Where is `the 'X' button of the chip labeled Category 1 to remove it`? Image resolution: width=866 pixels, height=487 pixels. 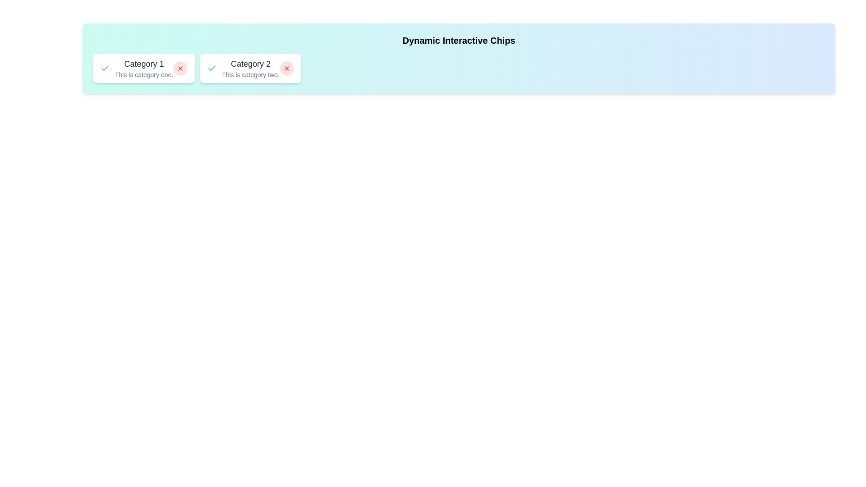 the 'X' button of the chip labeled Category 1 to remove it is located at coordinates (180, 68).